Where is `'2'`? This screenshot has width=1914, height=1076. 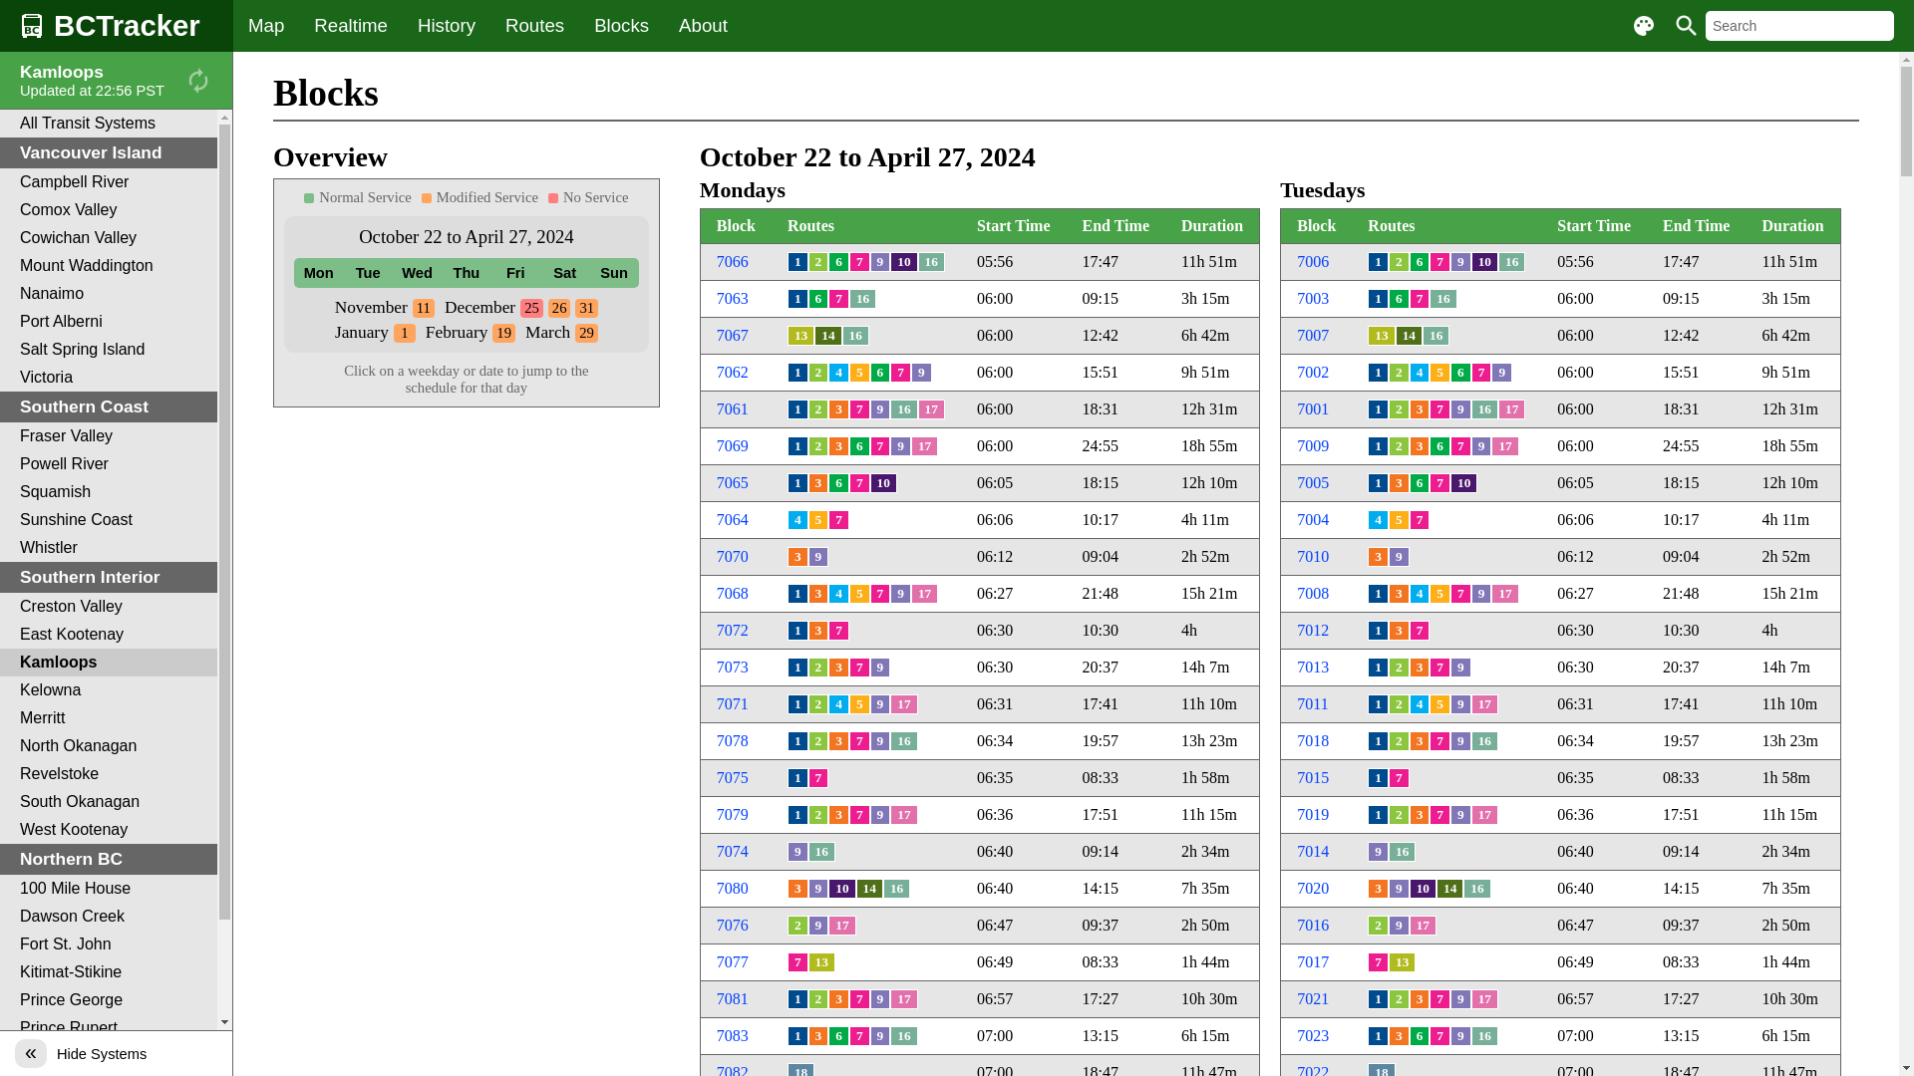
'2' is located at coordinates (1398, 998).